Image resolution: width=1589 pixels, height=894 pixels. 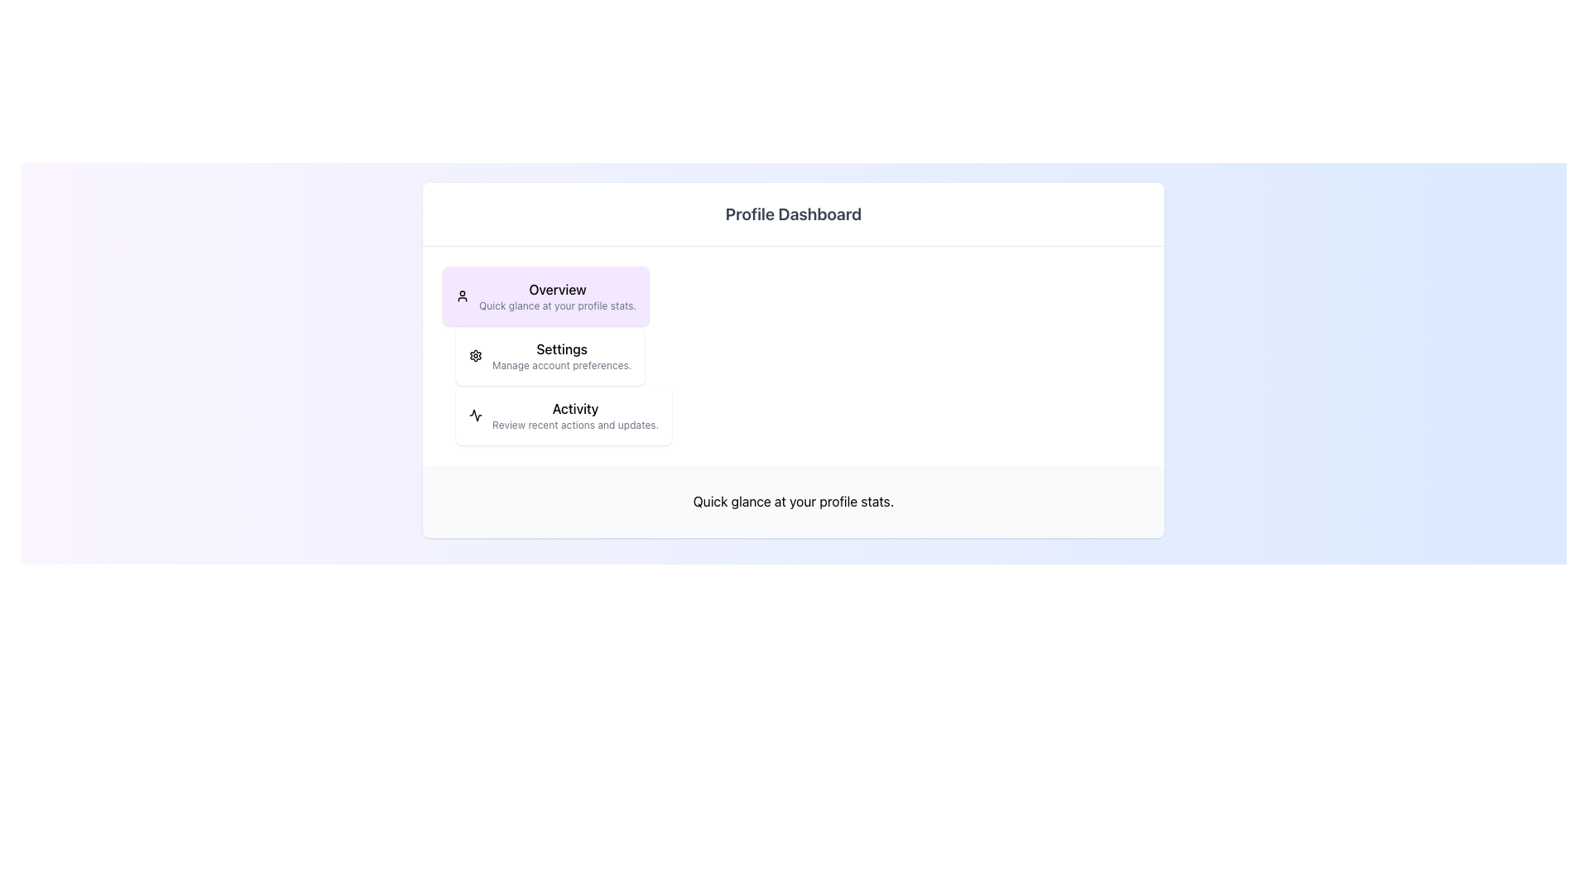 I want to click on the text label that reads 'Manage account preferences.' located directly below the 'Settings' header in the second panel, so click(x=562, y=365).